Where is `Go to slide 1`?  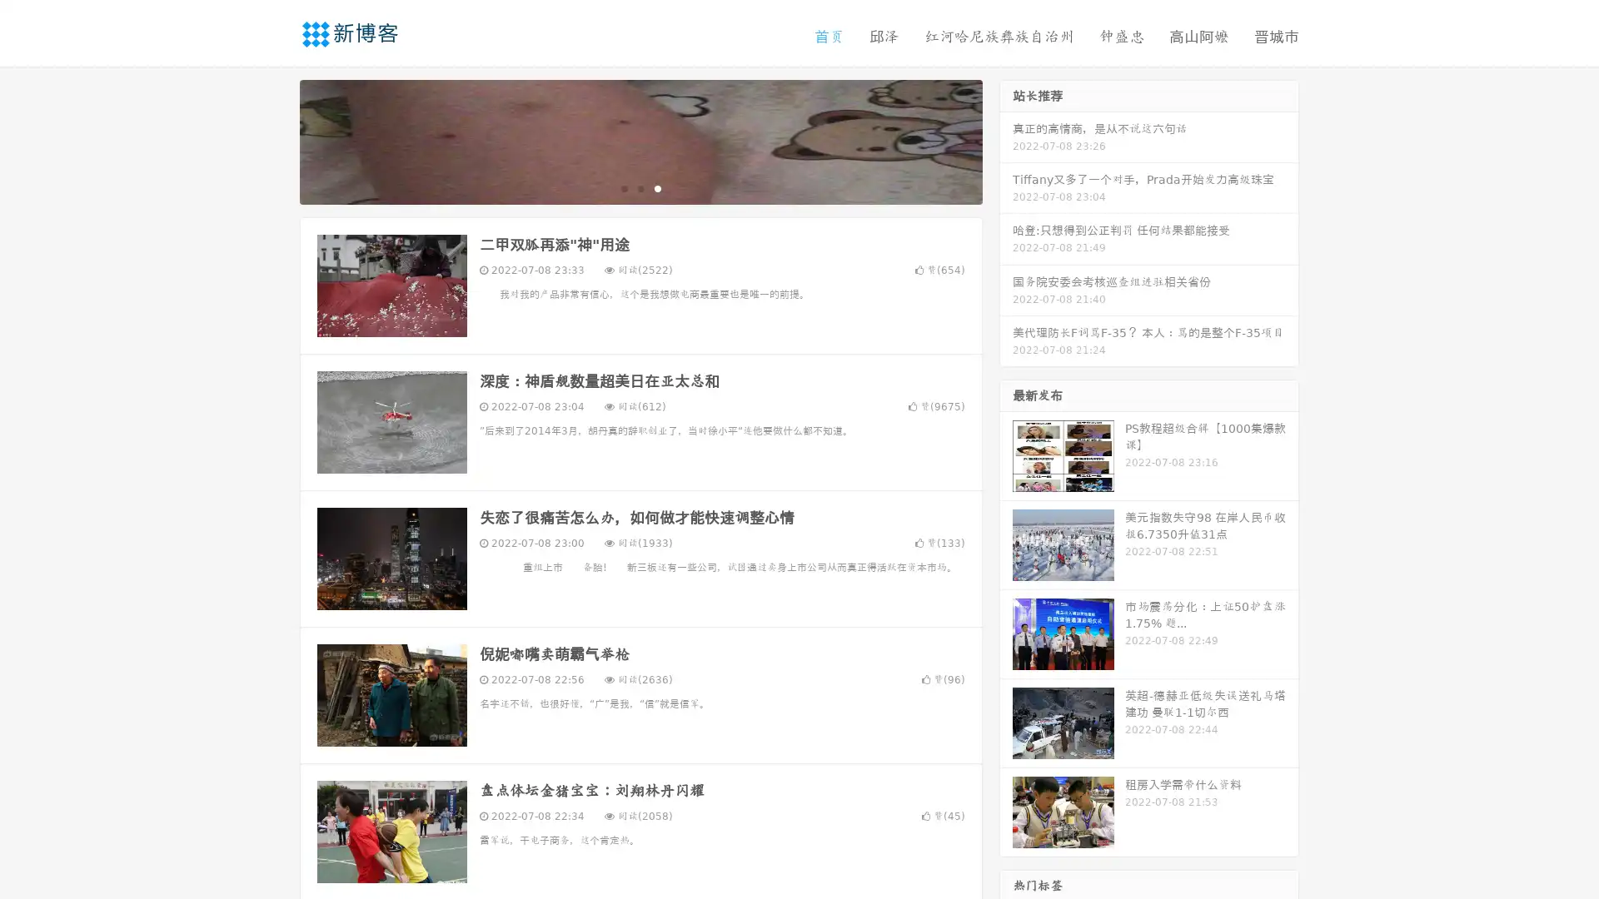 Go to slide 1 is located at coordinates (623, 187).